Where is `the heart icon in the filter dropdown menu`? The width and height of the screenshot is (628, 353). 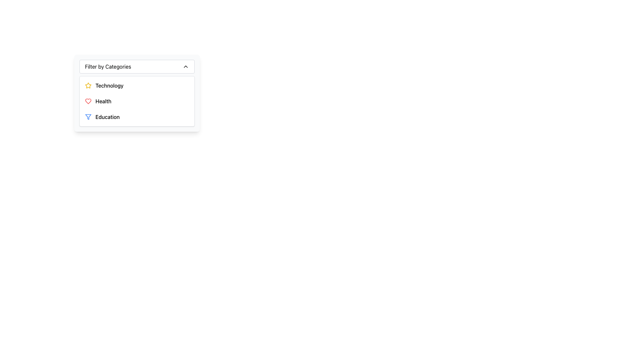 the heart icon in the filter dropdown menu is located at coordinates (88, 101).